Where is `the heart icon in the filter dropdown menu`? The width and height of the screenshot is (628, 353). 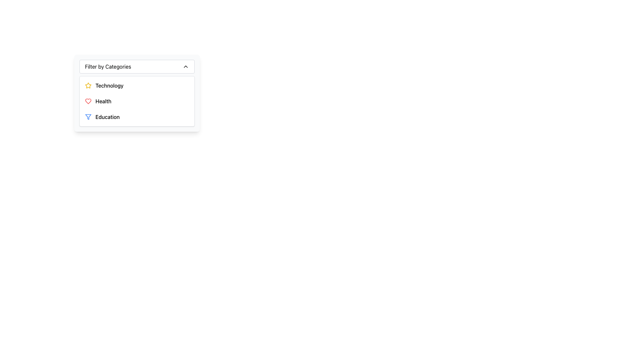 the heart icon in the filter dropdown menu is located at coordinates (88, 101).